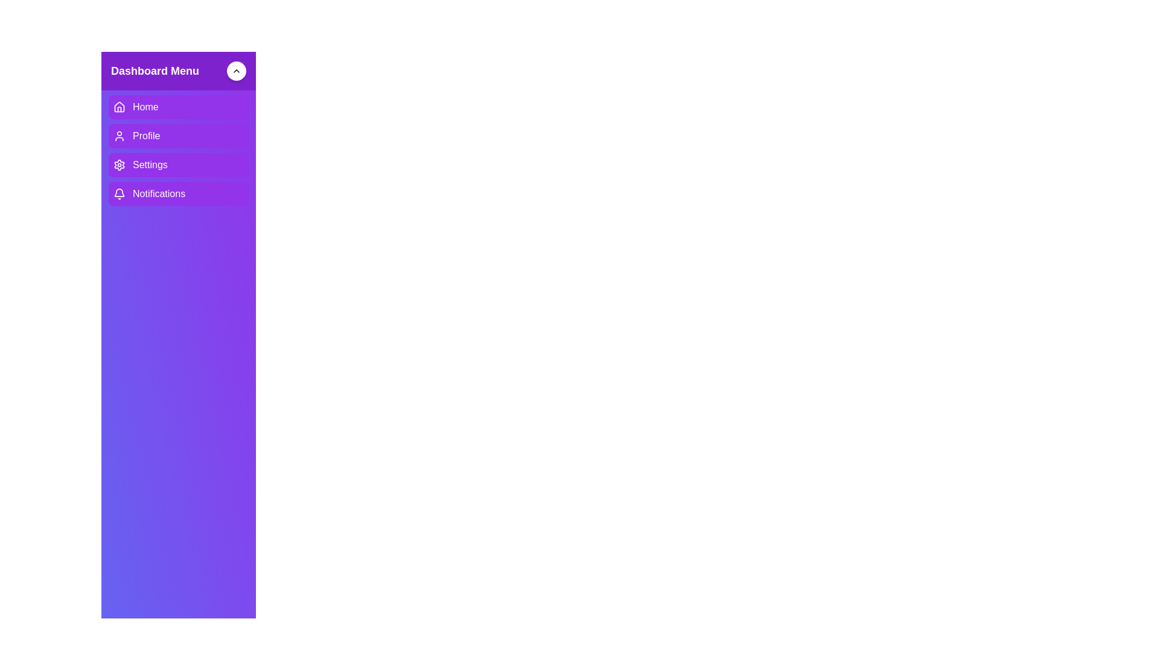 The height and width of the screenshot is (651, 1159). I want to click on the gear icon representing settings in the Dashboard Menu, located to the left of the 'Settings' text label, so click(119, 165).